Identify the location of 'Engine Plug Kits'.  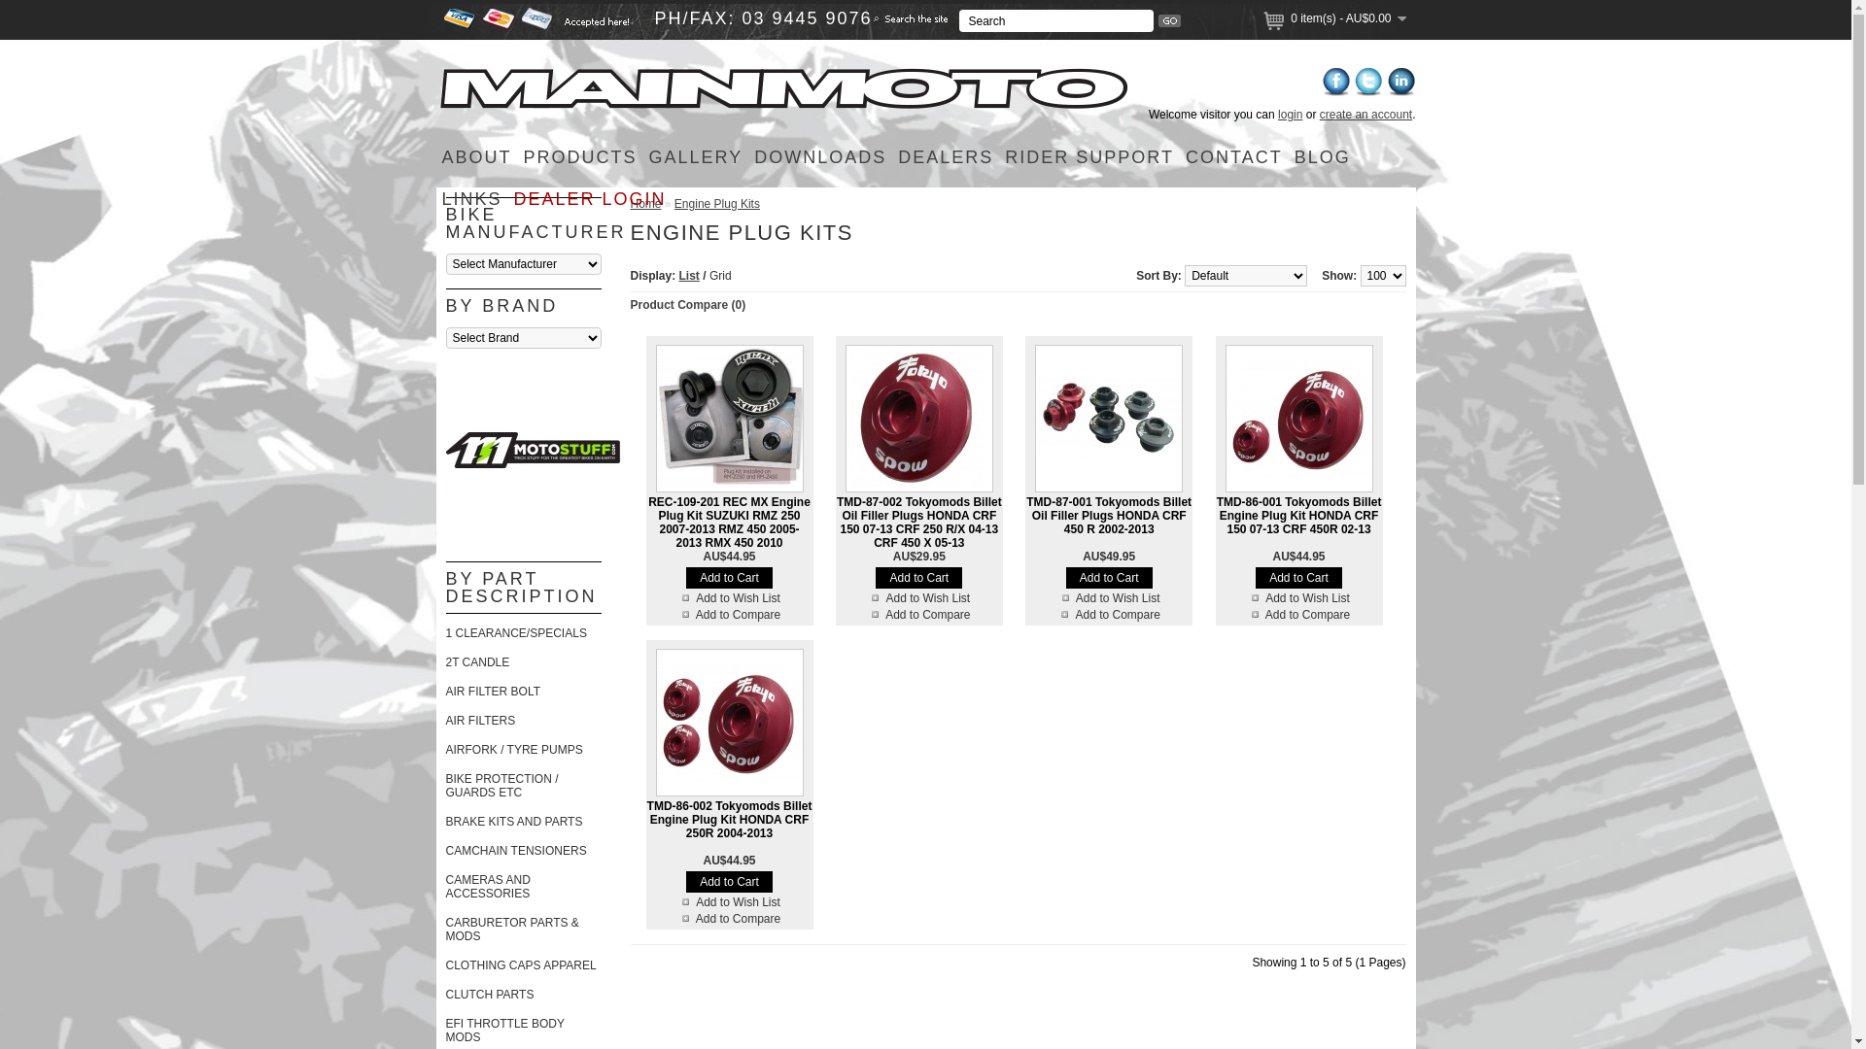
(716, 203).